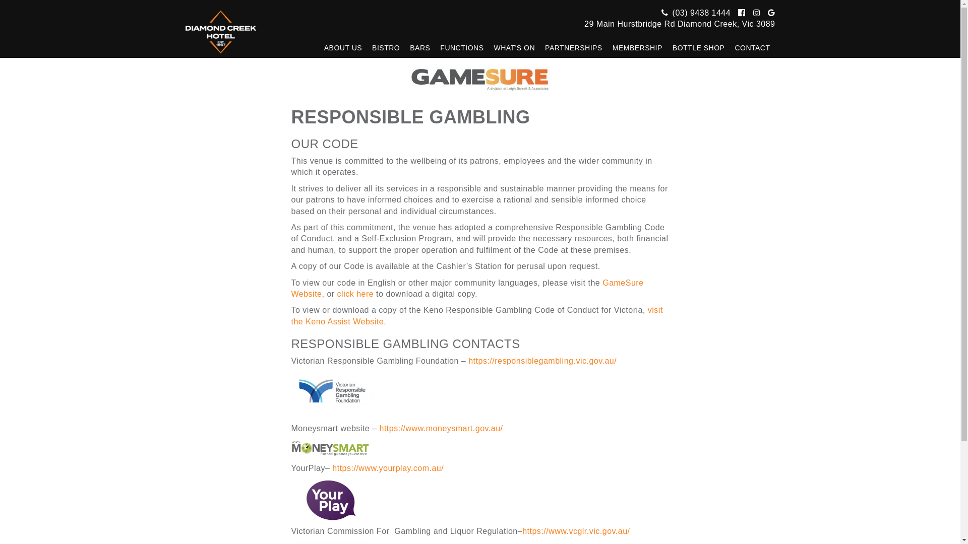  What do you see at coordinates (319, 48) in the screenshot?
I see `'ABOUT US'` at bounding box center [319, 48].